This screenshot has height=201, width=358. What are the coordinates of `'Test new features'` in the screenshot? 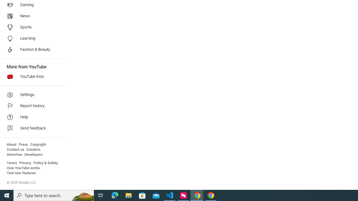 It's located at (21, 173).